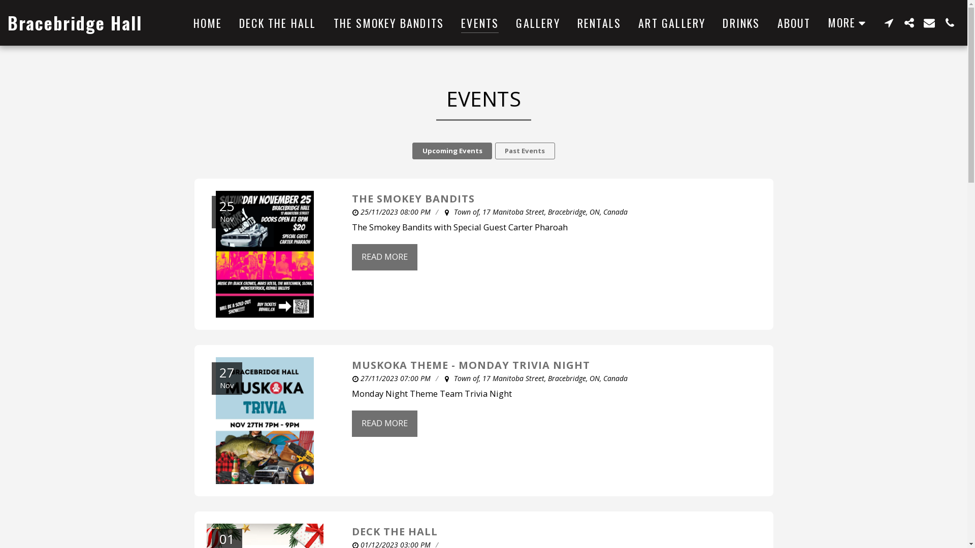  Describe the element at coordinates (909, 22) in the screenshot. I see `' '` at that location.